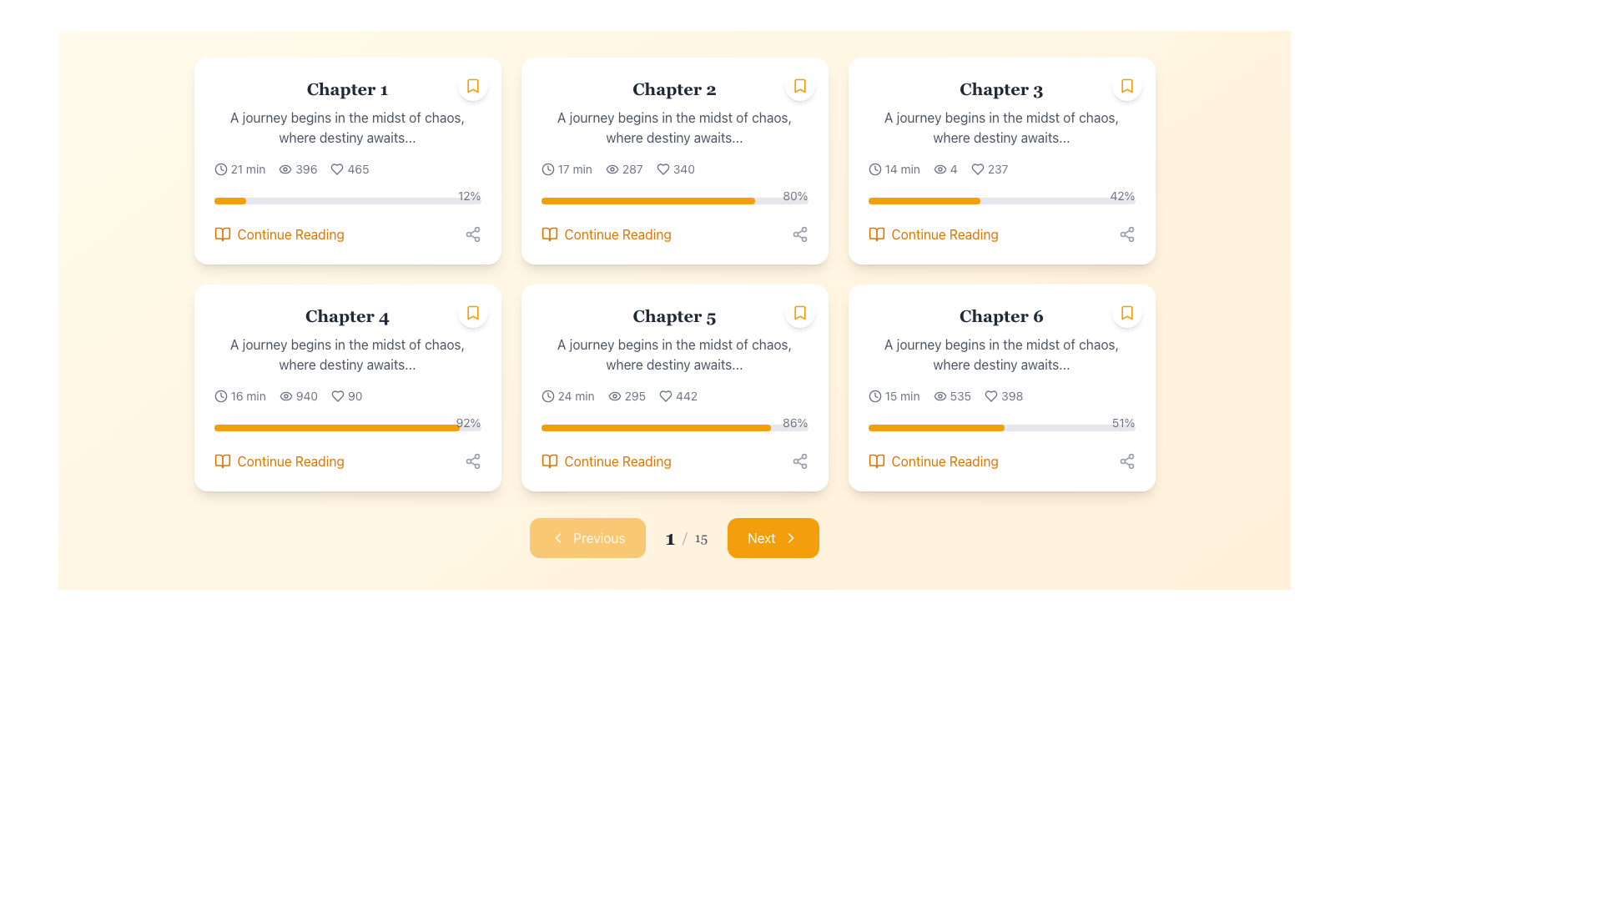 The width and height of the screenshot is (1602, 901). I want to click on the button located within the 'Chapter 4' card that allows users to continue reading the article or chapter, positioned near the bottom of the card below a horizontal progress bar for accessibility navigation, so click(279, 461).